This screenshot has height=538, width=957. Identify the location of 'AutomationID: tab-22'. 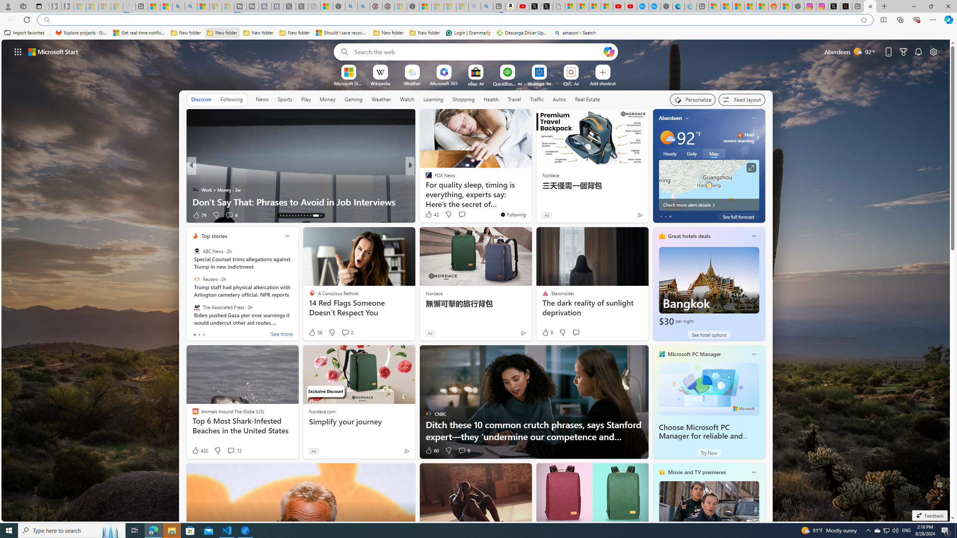
(308, 216).